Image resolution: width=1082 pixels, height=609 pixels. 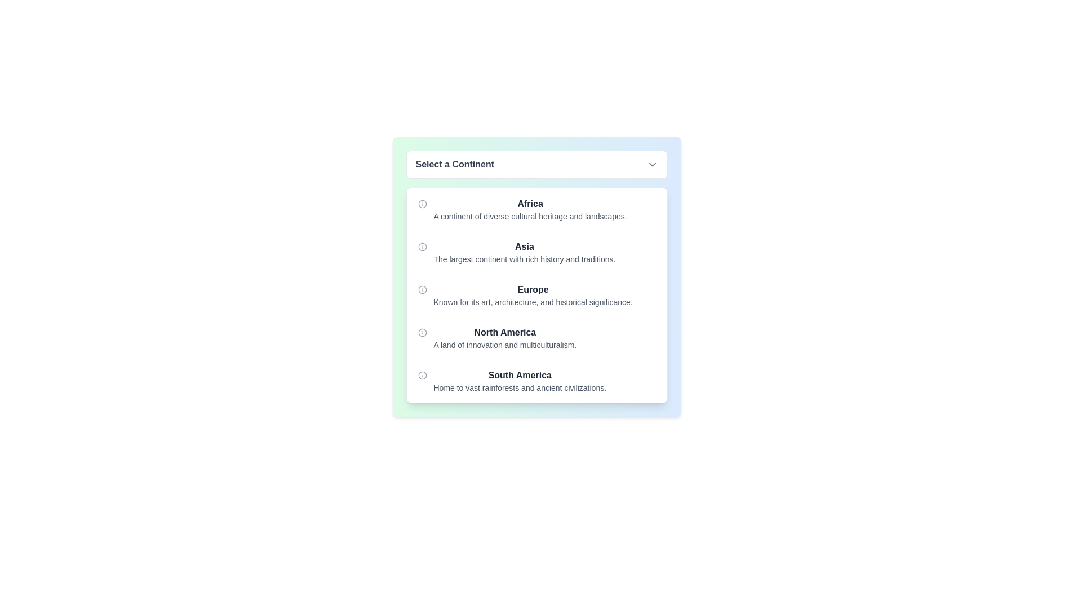 What do you see at coordinates (422, 332) in the screenshot?
I see `the circular graphical element within the information emblem adjacent to the 'North America' text option` at bounding box center [422, 332].